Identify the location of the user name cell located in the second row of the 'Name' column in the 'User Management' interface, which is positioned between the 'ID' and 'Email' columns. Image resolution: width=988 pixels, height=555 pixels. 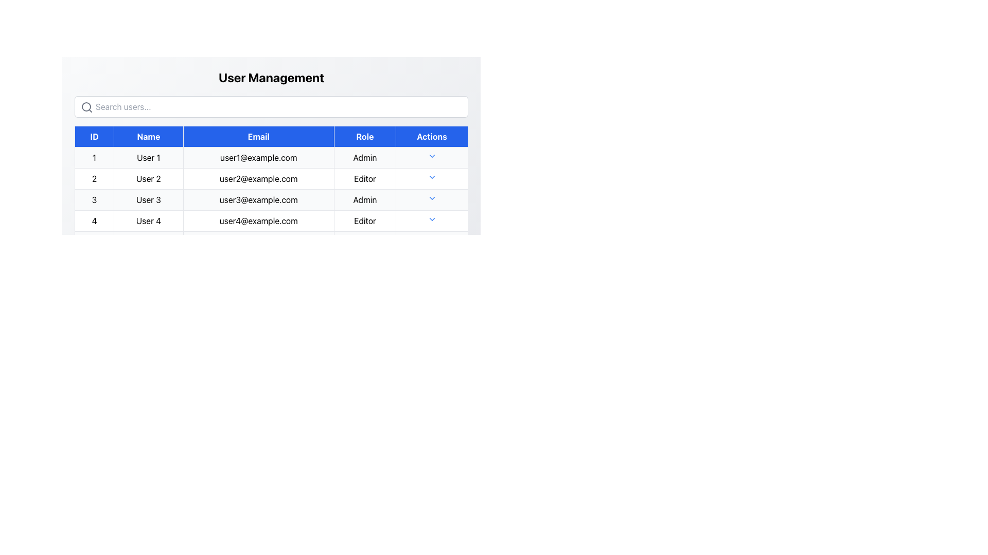
(148, 178).